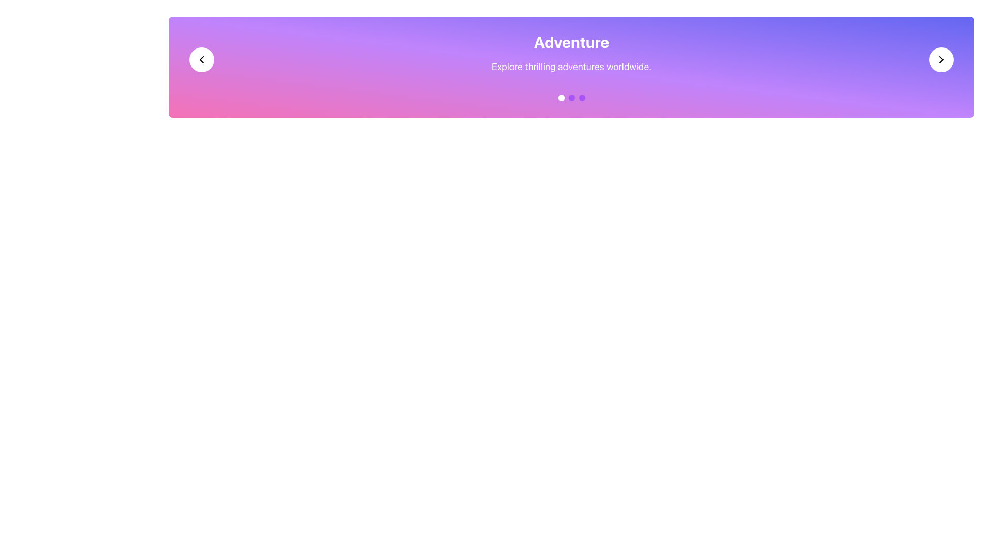  What do you see at coordinates (561, 97) in the screenshot?
I see `the first circular Navigation Indicator, which is a small white dot located below the 'Adventure' title` at bounding box center [561, 97].